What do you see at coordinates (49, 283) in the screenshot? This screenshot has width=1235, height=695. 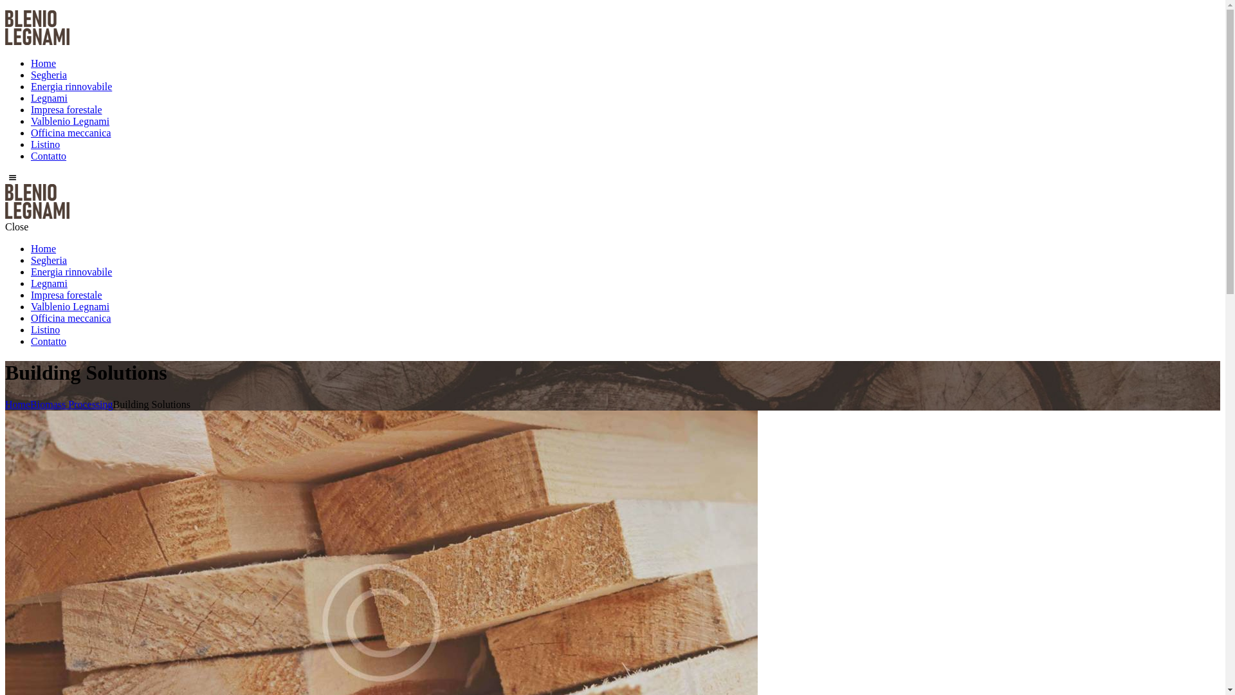 I see `'Legnami'` at bounding box center [49, 283].